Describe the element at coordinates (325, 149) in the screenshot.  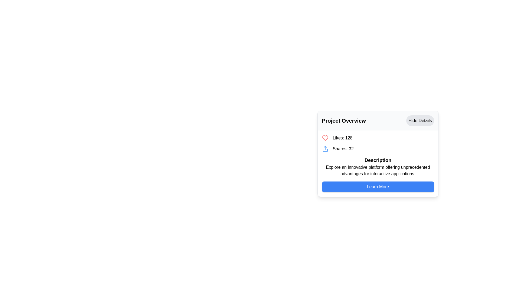
I see `the sharing icon located within the 'Shares: 32' grouping, positioned to the left of the text 'Shares: 32' in the 'Project Overview' section` at that location.